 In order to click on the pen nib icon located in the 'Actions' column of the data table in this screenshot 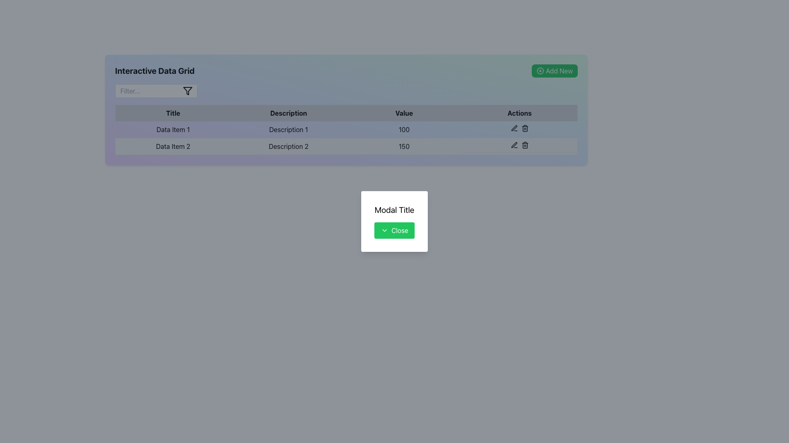, I will do `click(514, 144)`.